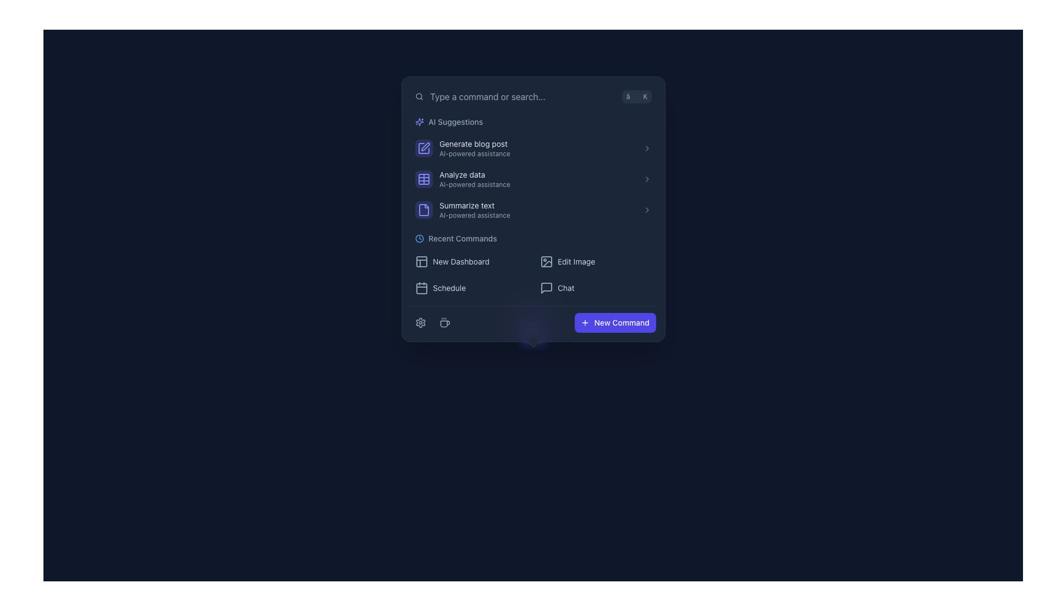 The width and height of the screenshot is (1056, 594). What do you see at coordinates (546, 288) in the screenshot?
I see `the chat icon located in the 'Chat' row of the 'Recent Commands' section` at bounding box center [546, 288].